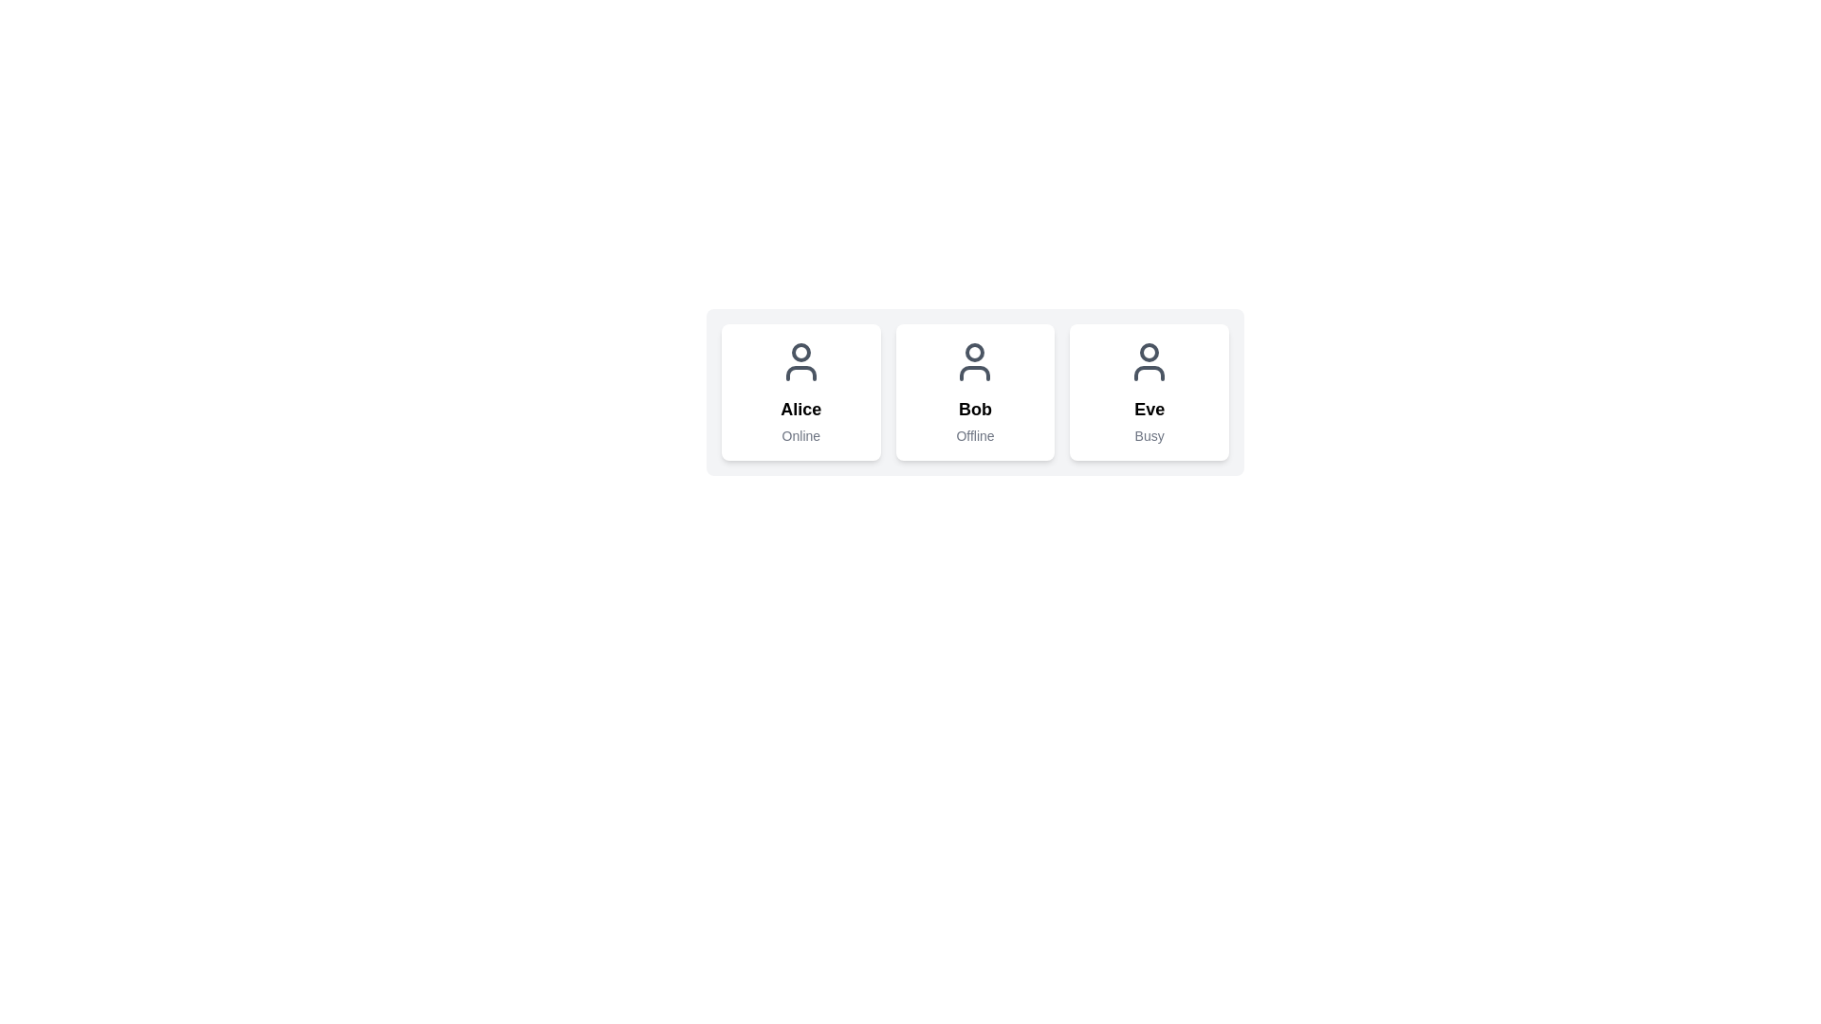 The height and width of the screenshot is (1024, 1821). What do you see at coordinates (800, 435) in the screenshot?
I see `the Text Label that displays 'Online', which is styled in a small gray font and positioned below the text 'Alice' in a grid layout` at bounding box center [800, 435].